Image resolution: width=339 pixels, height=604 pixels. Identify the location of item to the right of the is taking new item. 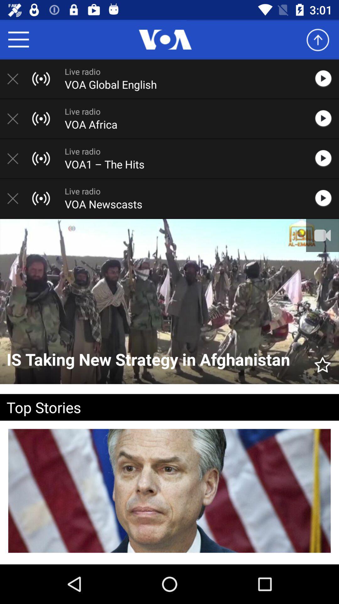
(322, 362).